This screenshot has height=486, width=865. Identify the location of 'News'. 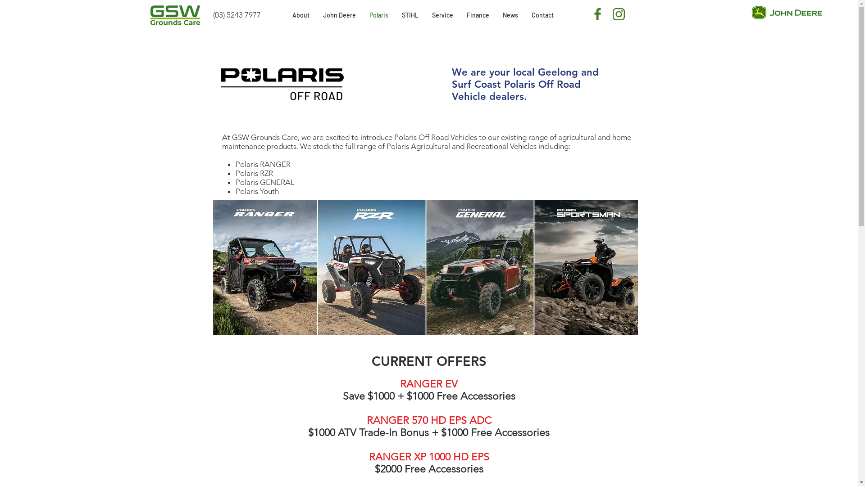
(510, 15).